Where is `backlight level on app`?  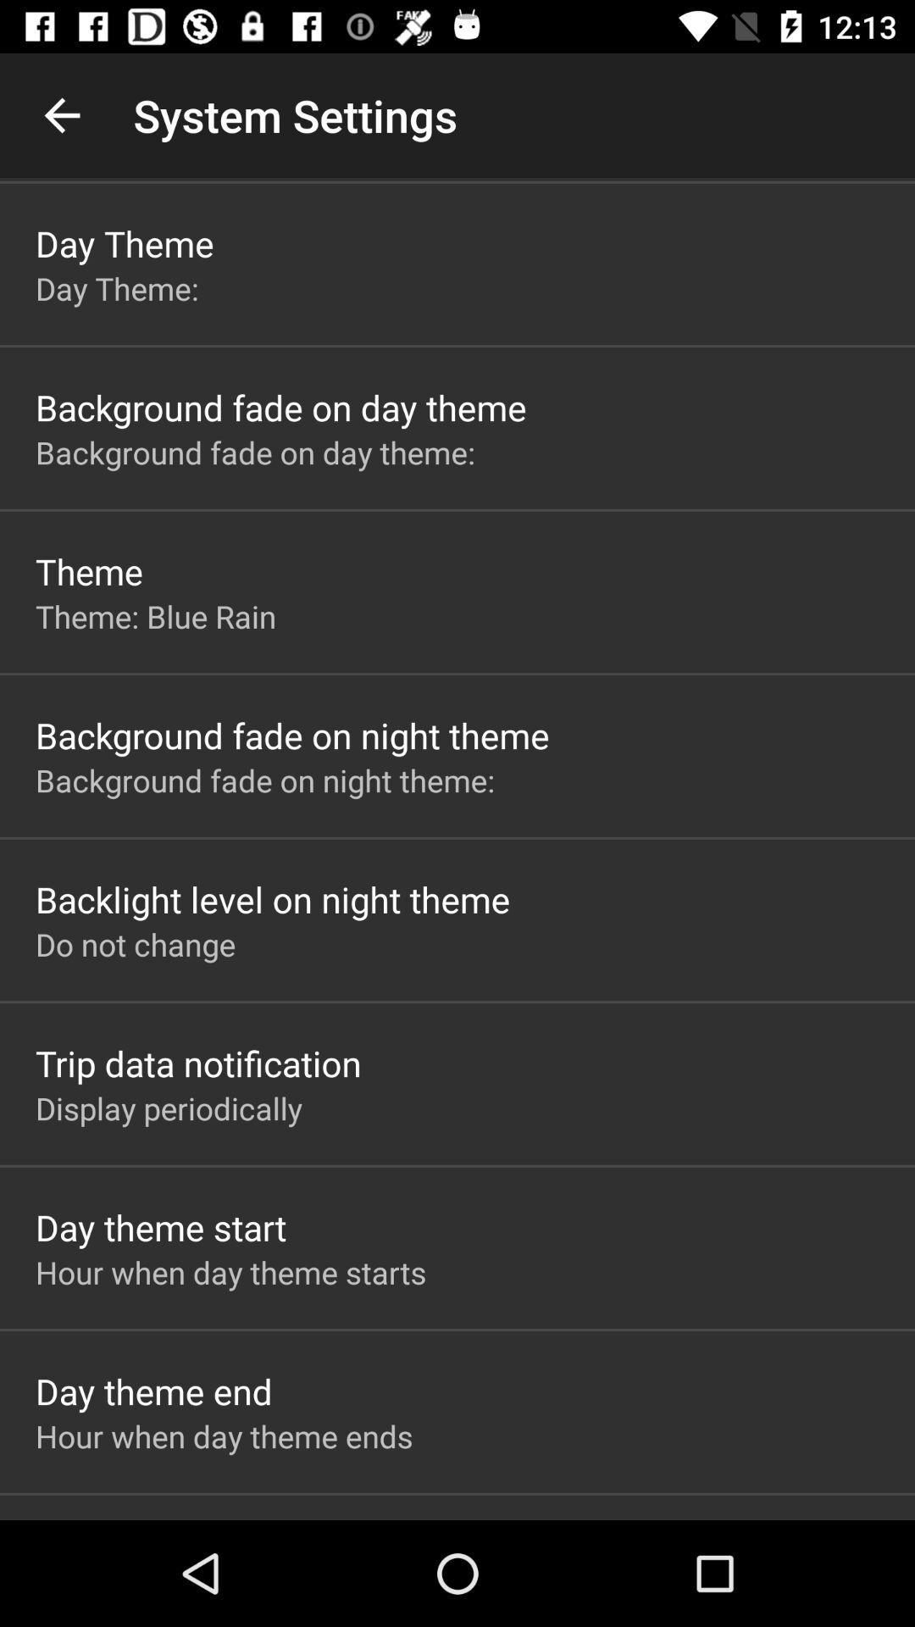 backlight level on app is located at coordinates (272, 898).